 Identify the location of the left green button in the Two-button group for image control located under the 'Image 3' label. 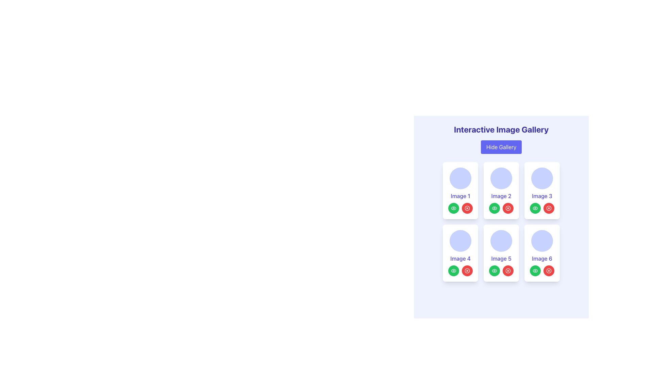
(541, 208).